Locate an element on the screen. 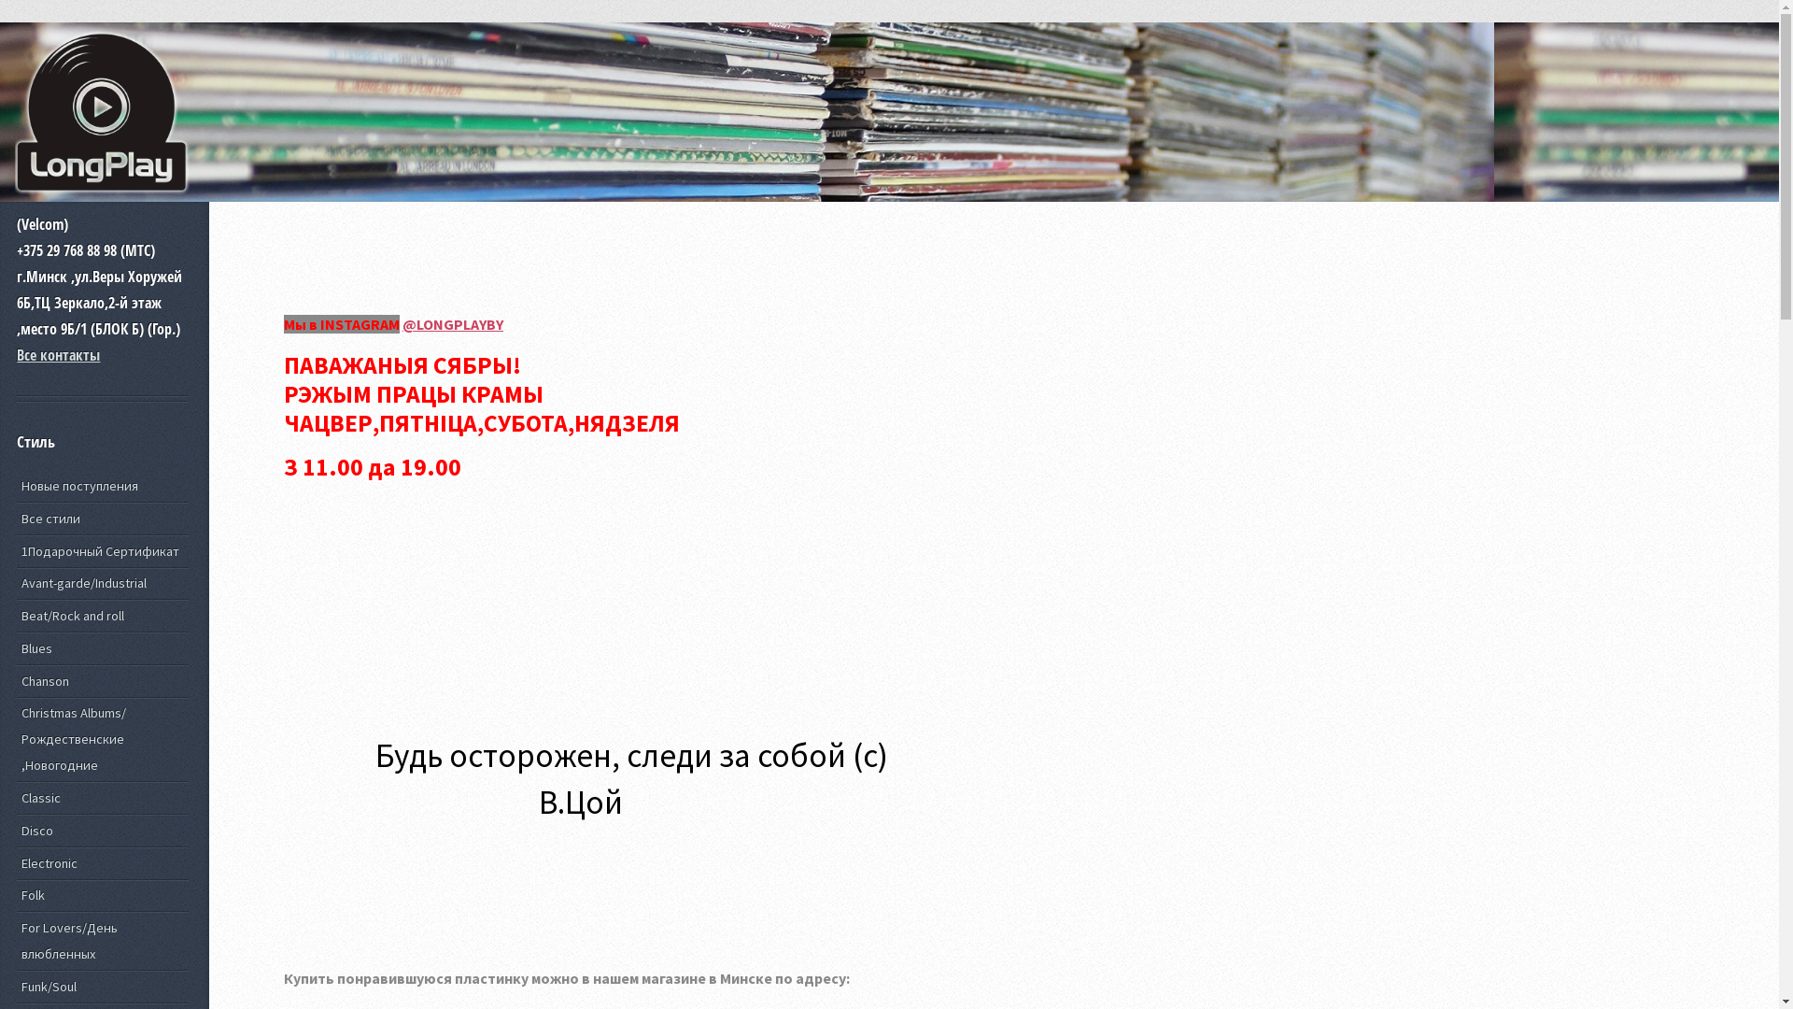  'Classic' is located at coordinates (17, 798).